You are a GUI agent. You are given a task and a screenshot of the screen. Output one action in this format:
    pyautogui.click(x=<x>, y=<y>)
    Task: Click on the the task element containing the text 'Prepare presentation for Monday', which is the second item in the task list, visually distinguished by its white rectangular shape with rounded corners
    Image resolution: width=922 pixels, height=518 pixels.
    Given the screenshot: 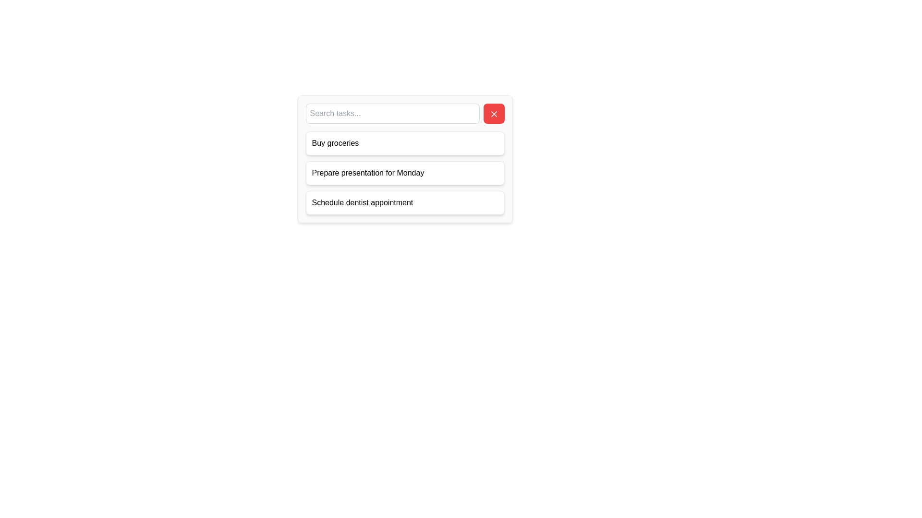 What is the action you would take?
    pyautogui.click(x=405, y=173)
    